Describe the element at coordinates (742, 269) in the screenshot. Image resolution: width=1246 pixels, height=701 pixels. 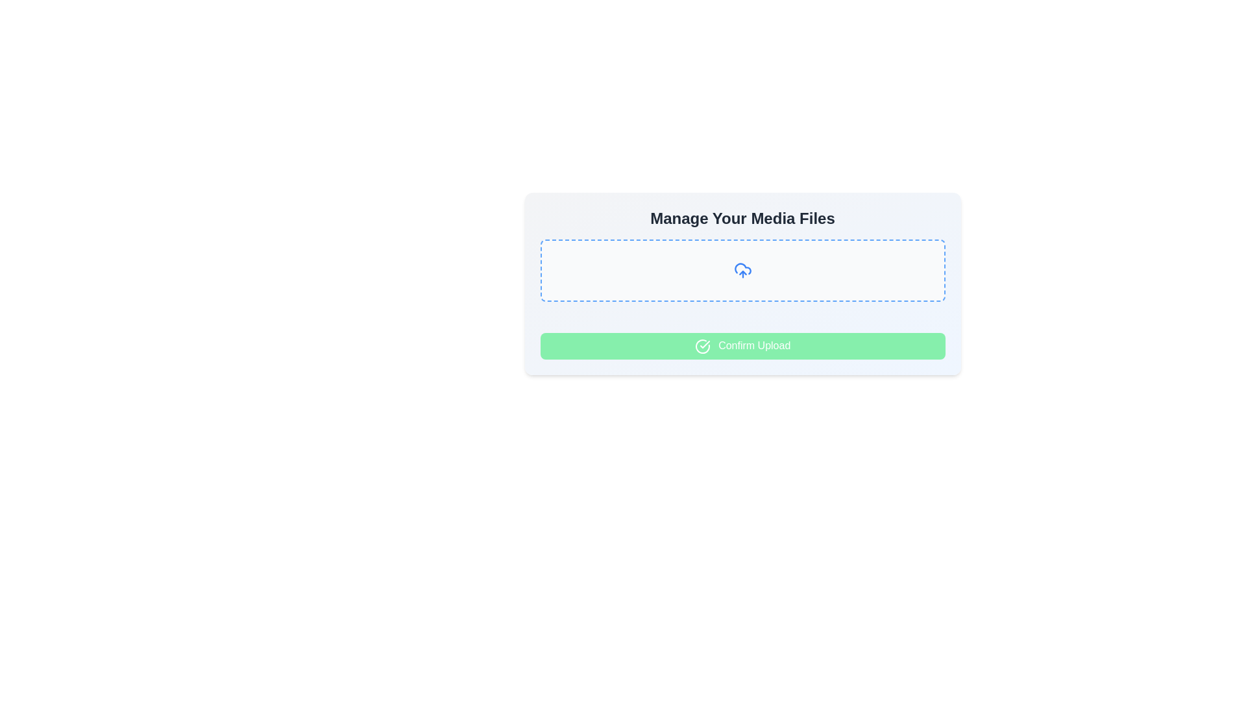
I see `the cloud upload icon, which serves as a visual indicator for uploading files to cloud storage, located at the center of the dashed rectangular area within the 'Manage Your Media Files' box` at that location.